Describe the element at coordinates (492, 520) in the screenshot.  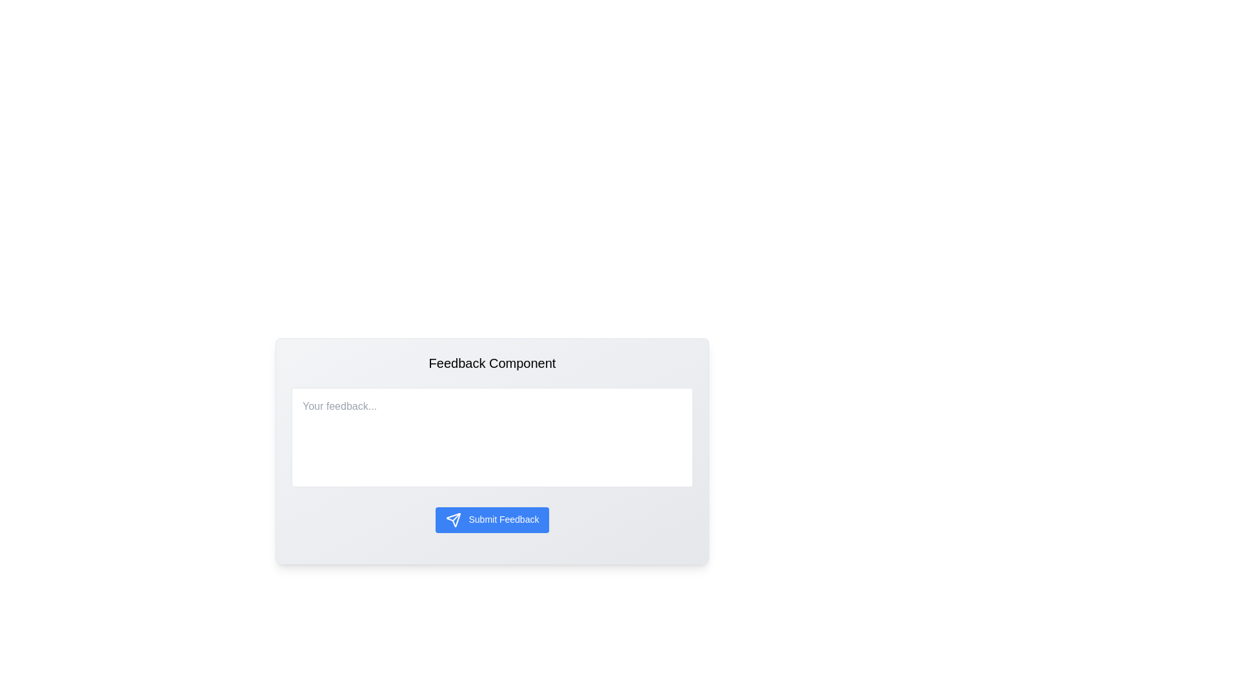
I see `the blue 'Submit Feedback' button with a paper plane icon` at that location.